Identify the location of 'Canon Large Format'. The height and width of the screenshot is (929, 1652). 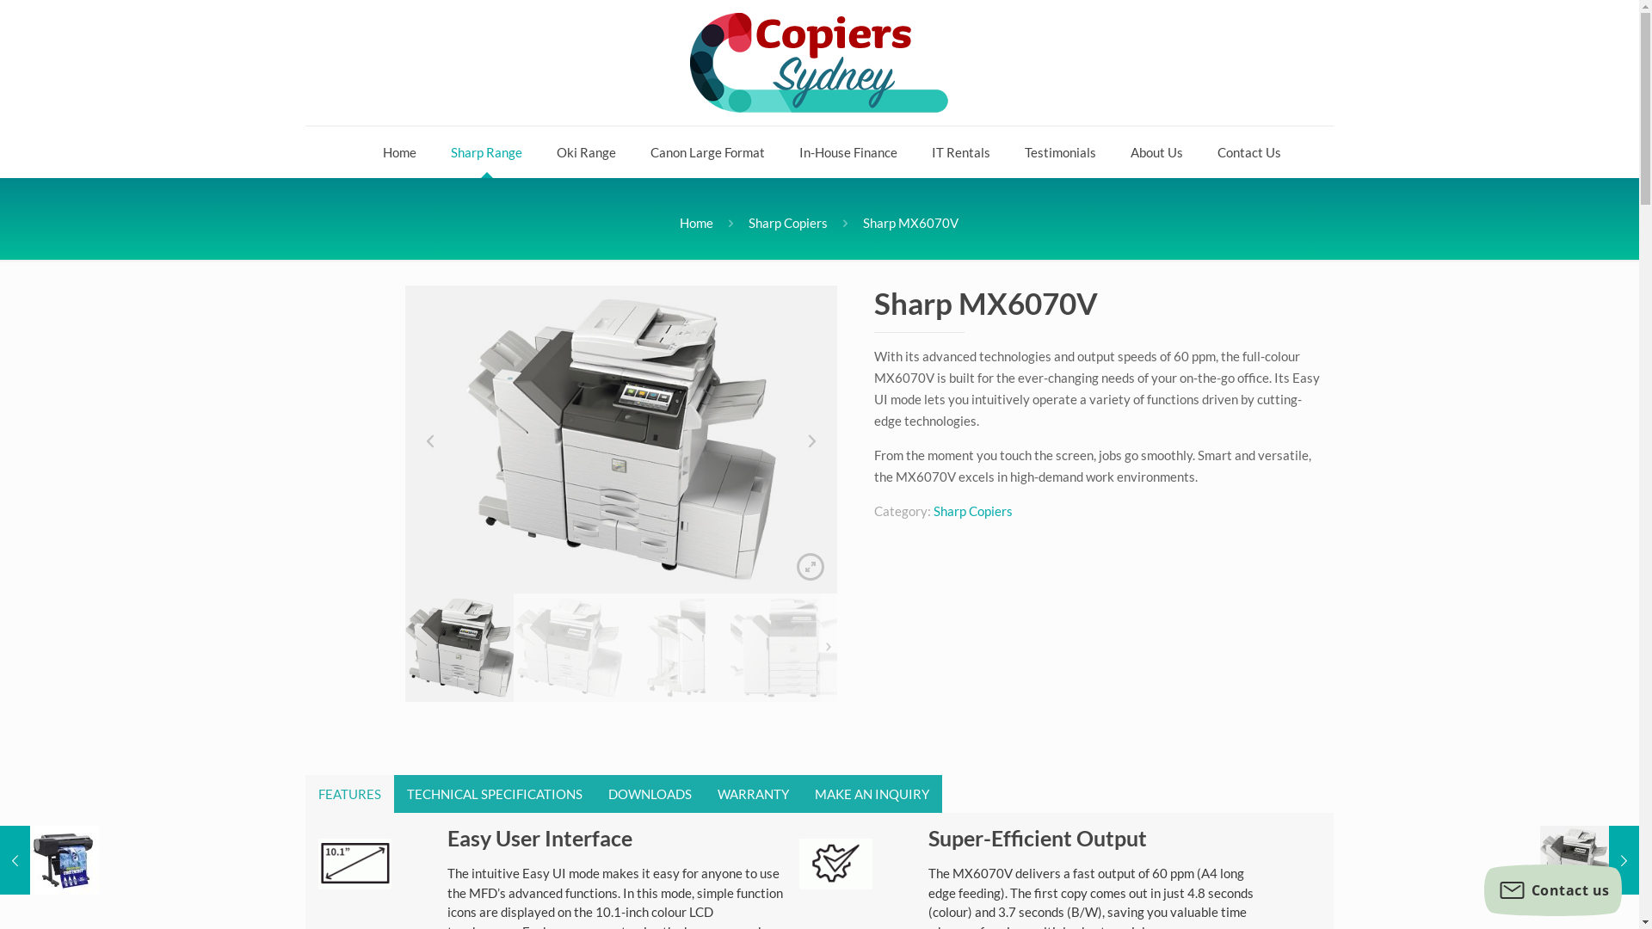
(707, 151).